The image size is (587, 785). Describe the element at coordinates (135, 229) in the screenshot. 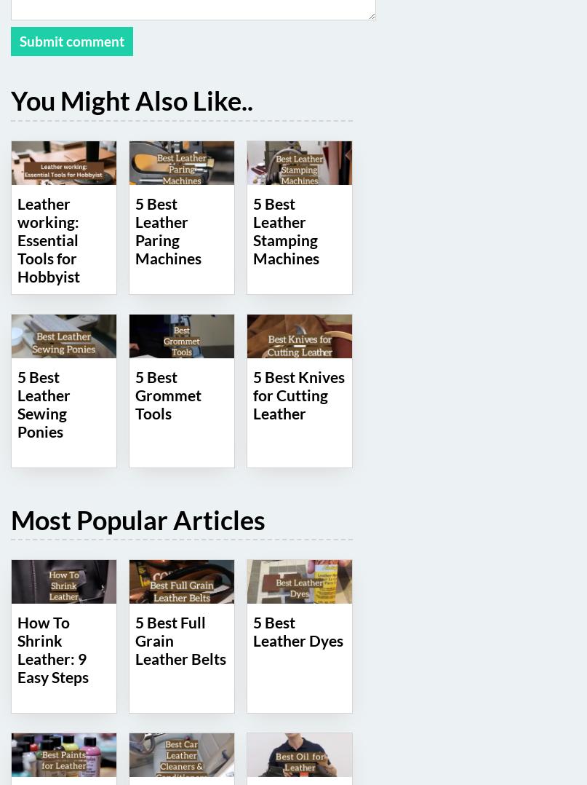

I see `'5 Best Leather Paring Machines'` at that location.